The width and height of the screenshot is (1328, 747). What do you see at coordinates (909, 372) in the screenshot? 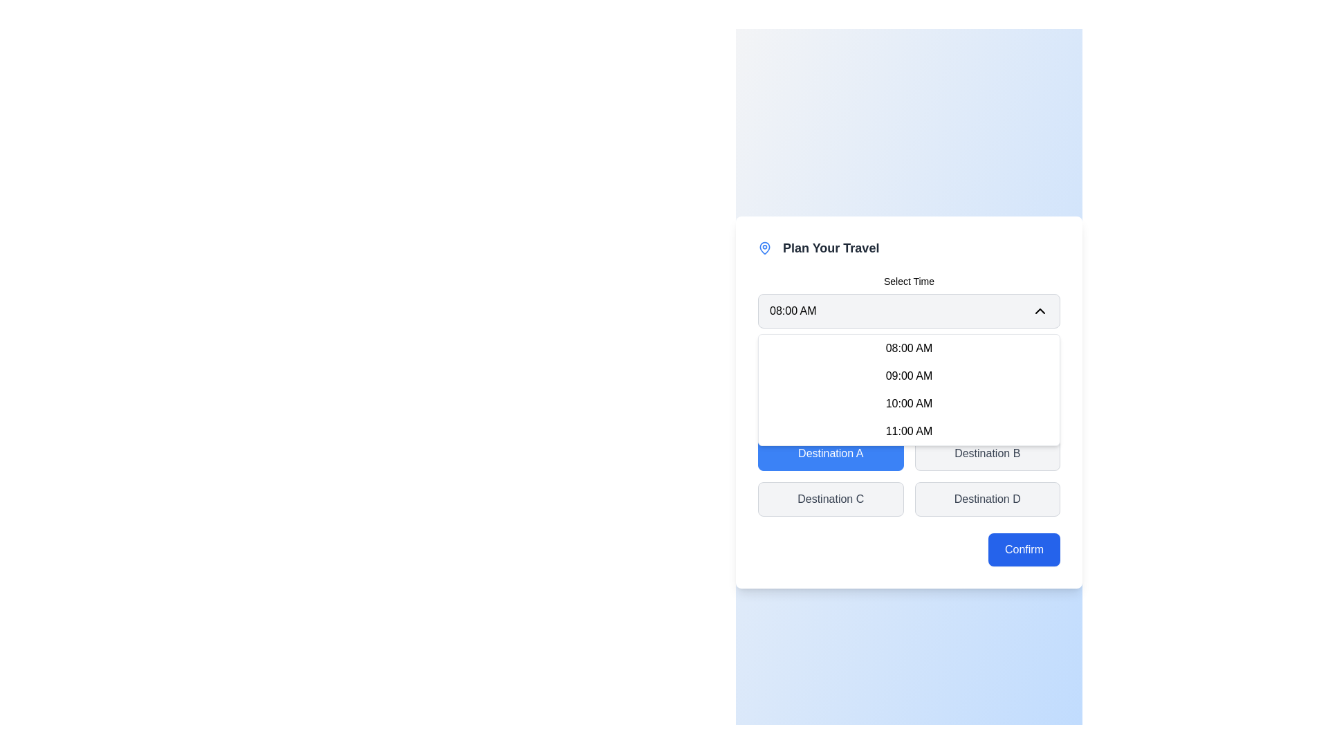
I see `the second item in the 'Select Time' dropdown menu` at bounding box center [909, 372].